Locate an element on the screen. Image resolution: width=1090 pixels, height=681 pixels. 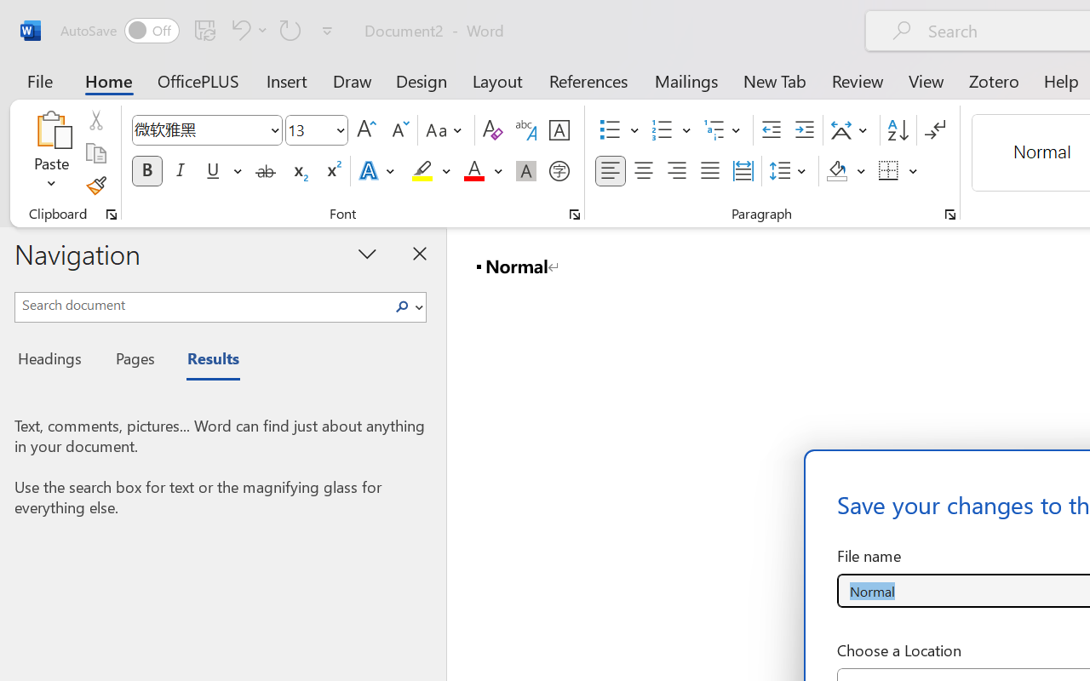
'Office Clipboard...' is located at coordinates (111, 214).